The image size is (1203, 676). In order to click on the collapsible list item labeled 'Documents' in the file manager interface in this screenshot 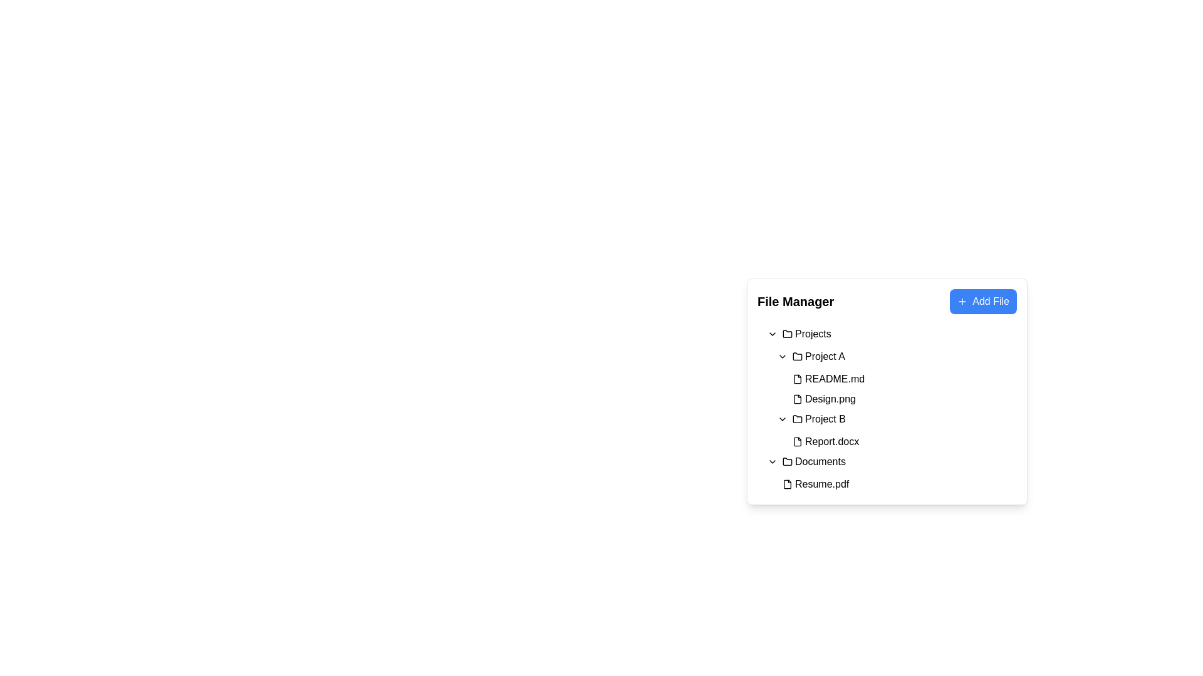, I will do `click(892, 461)`.